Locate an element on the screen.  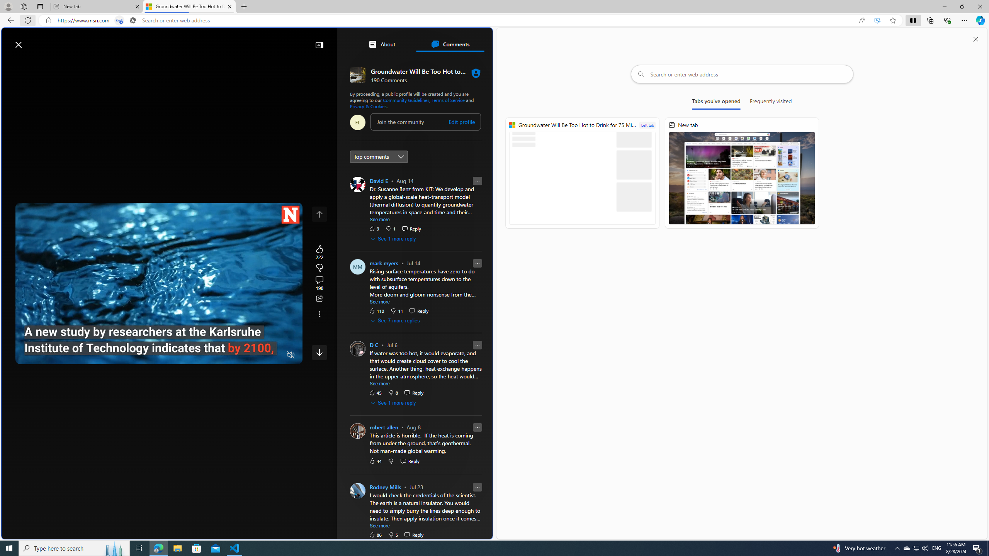
'See 7 more replies' is located at coordinates (395, 321).